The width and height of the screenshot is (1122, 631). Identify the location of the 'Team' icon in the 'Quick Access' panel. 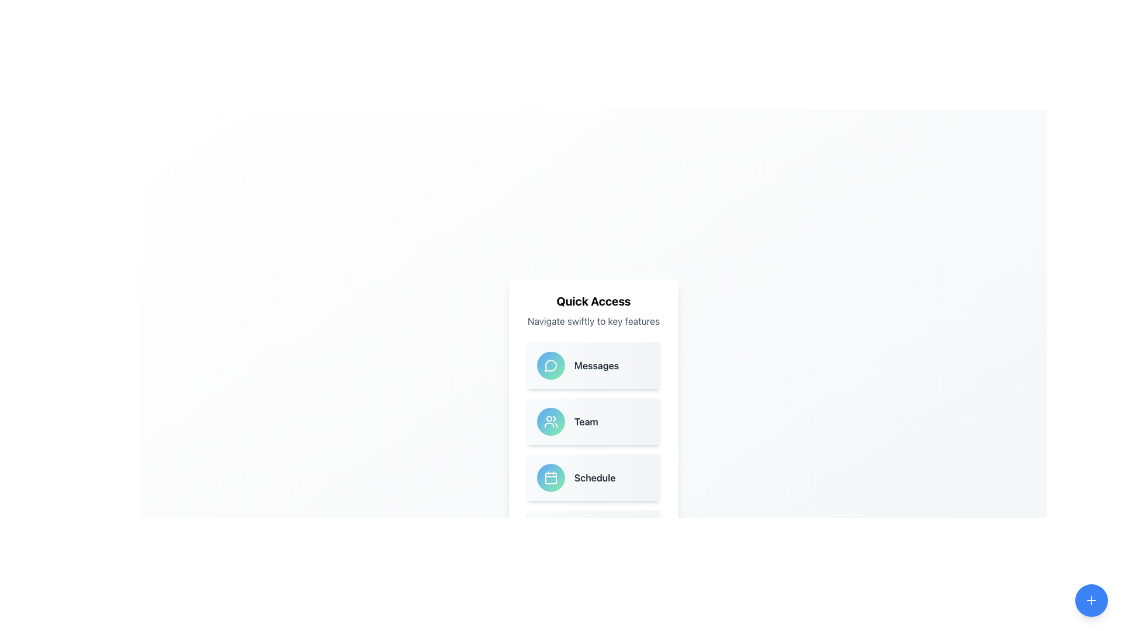
(550, 421).